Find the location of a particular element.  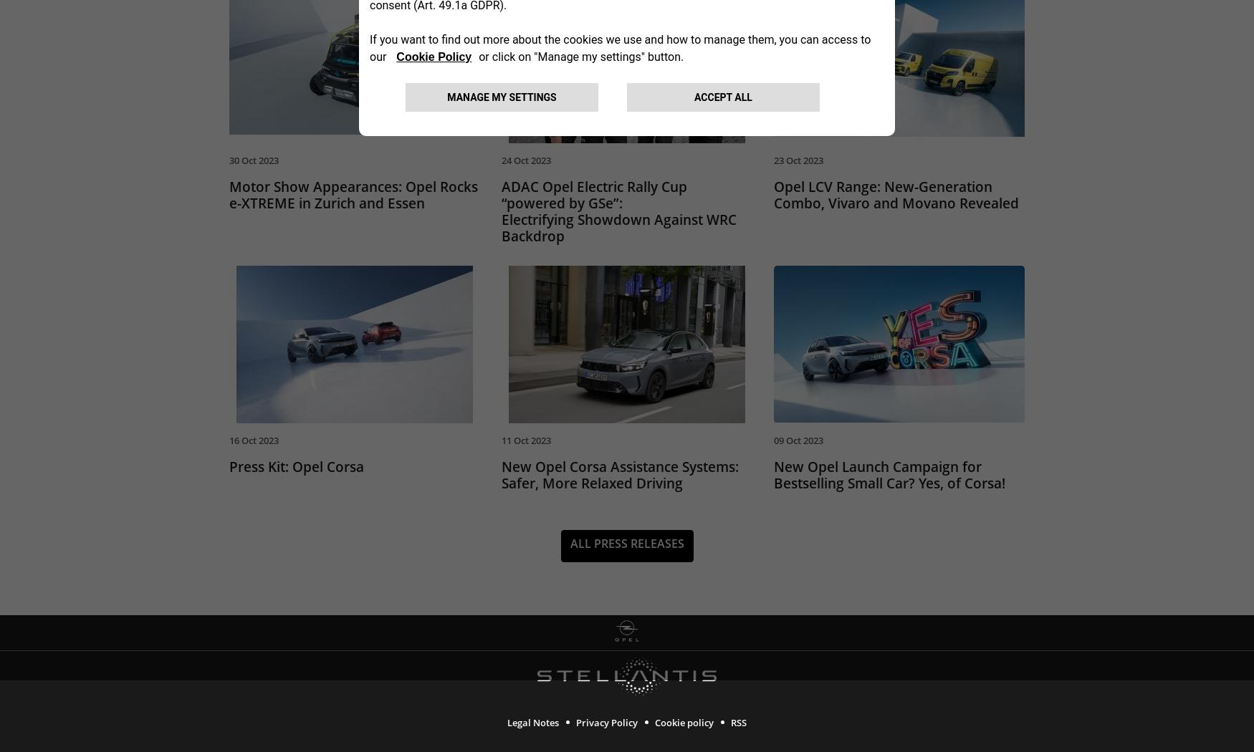

'16 Oct 2023' is located at coordinates (254, 443).